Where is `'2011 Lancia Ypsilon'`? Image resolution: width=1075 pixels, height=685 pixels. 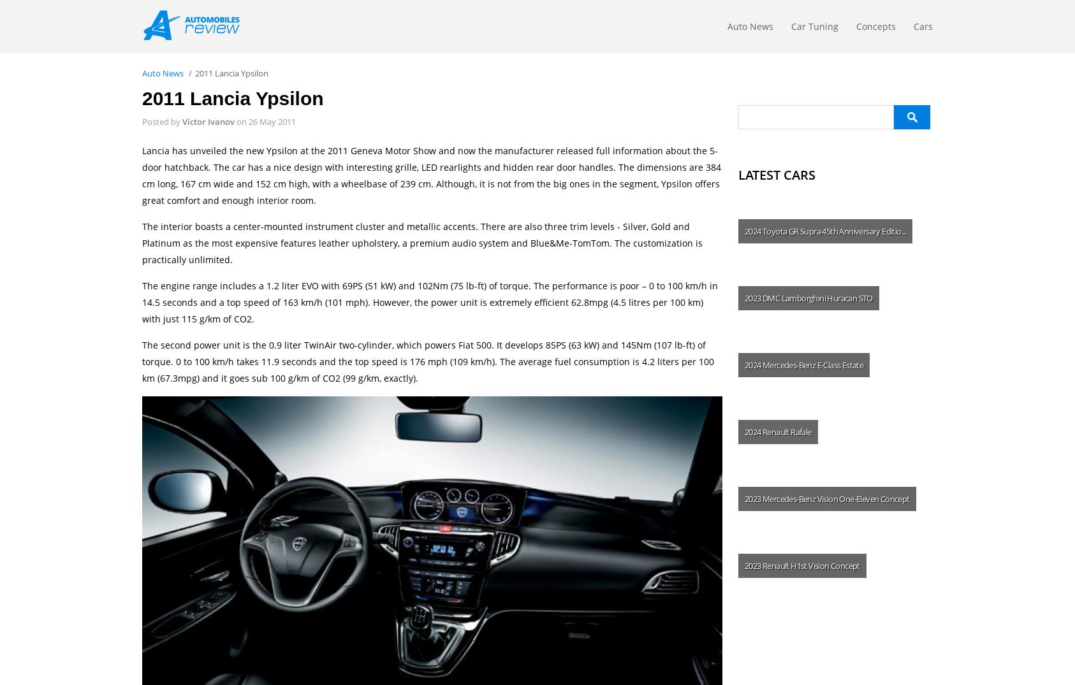
'2011 Lancia Ypsilon' is located at coordinates (232, 98).